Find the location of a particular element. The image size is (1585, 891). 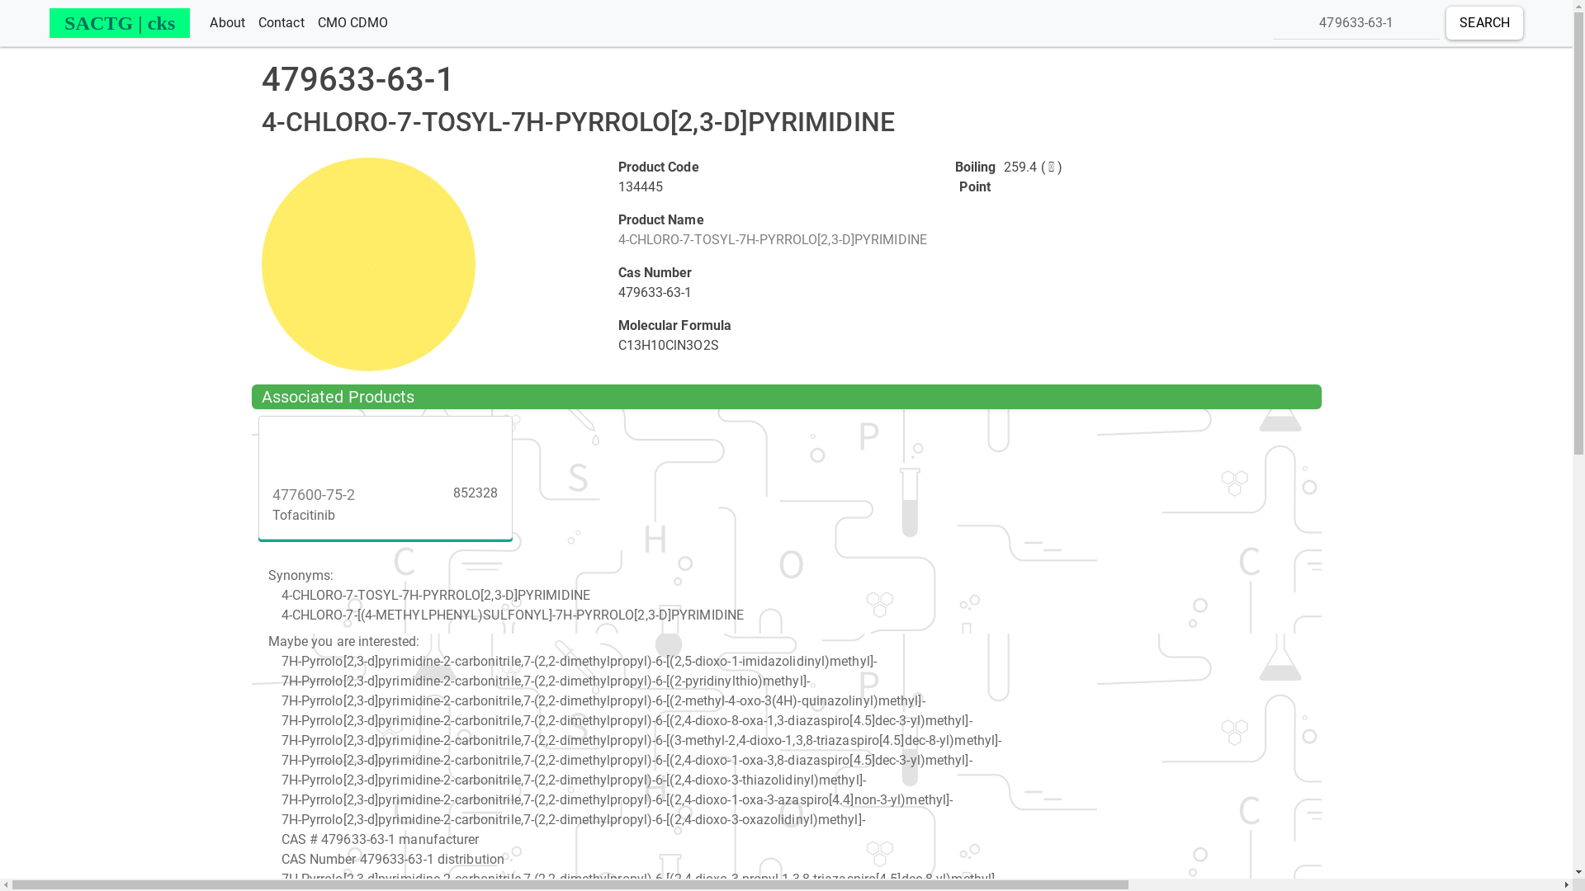

'Search' is located at coordinates (1484, 22).